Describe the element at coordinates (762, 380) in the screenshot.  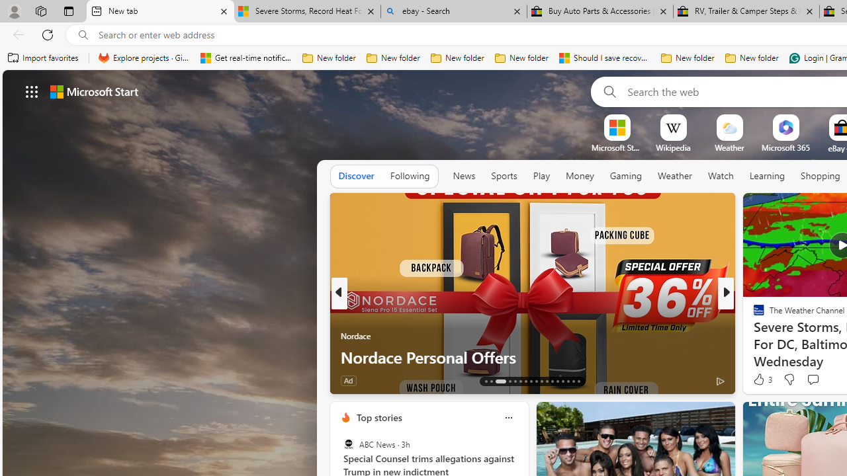
I see `'116 Like'` at that location.